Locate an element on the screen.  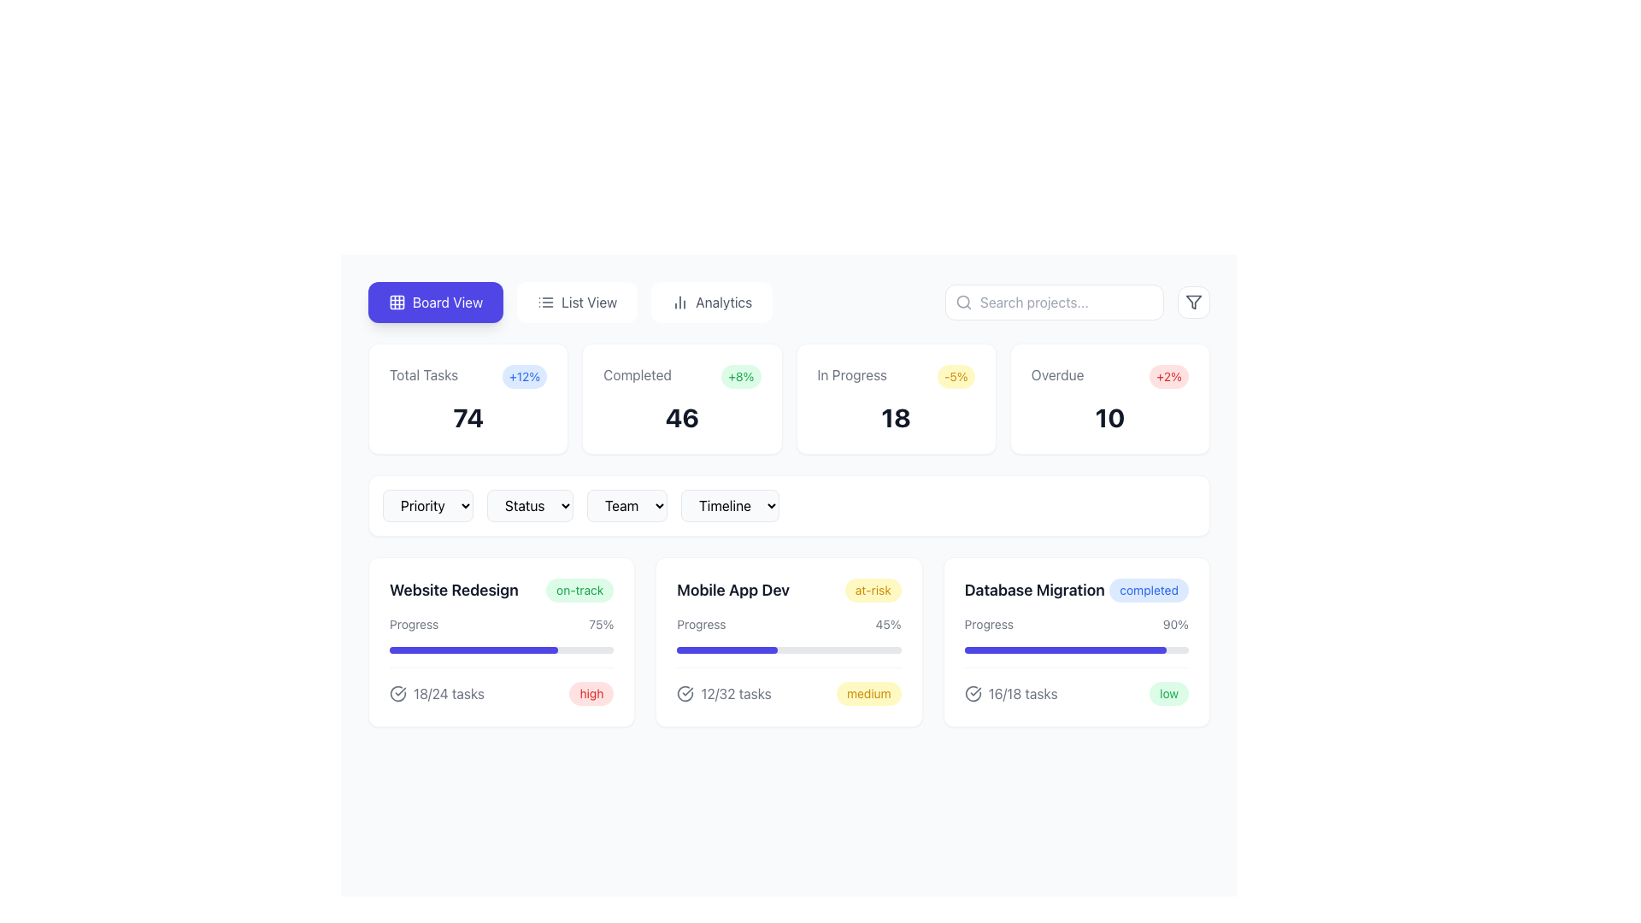
the displayed text '16/18 tasks' in the Data display component located at the bottom right corner of the 'Database Migration' card, adjacent to the label 'low' is located at coordinates (1011, 694).